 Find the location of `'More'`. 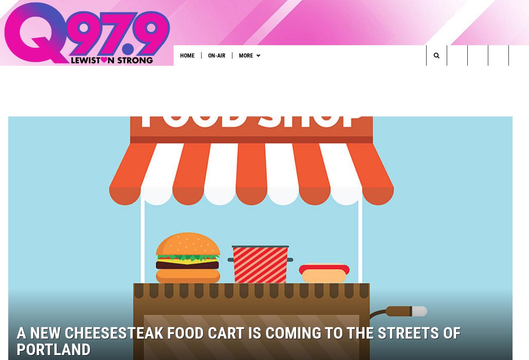

'More' is located at coordinates (238, 55).